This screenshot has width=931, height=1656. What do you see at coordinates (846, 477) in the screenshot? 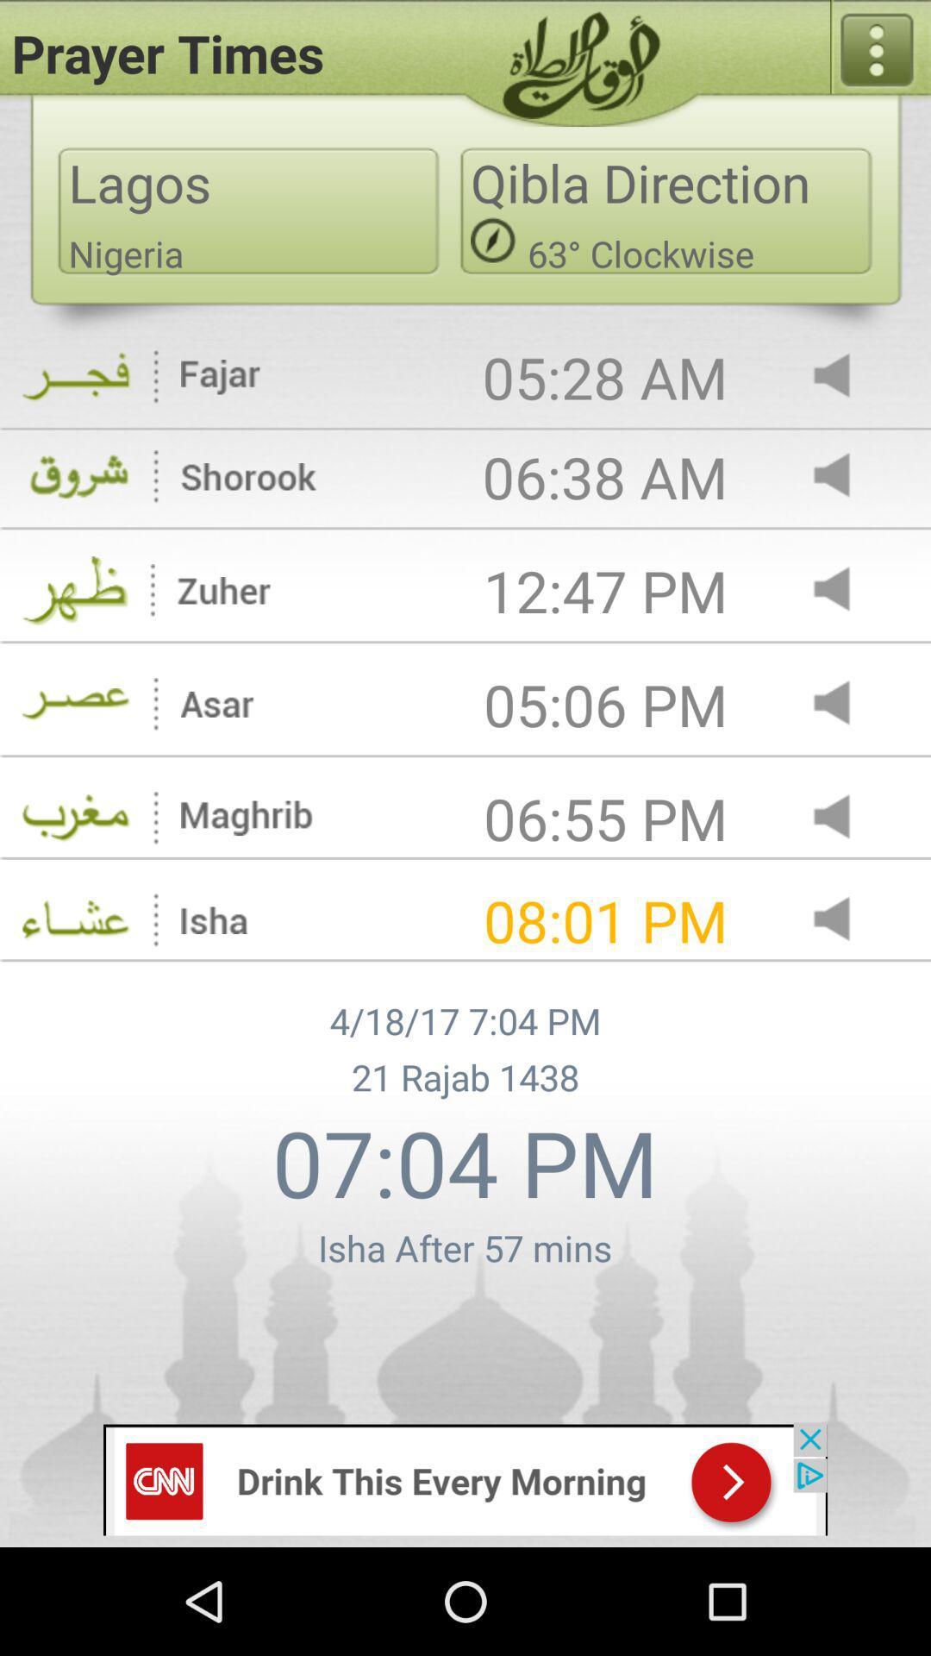
I see `turn sound on for alert` at bounding box center [846, 477].